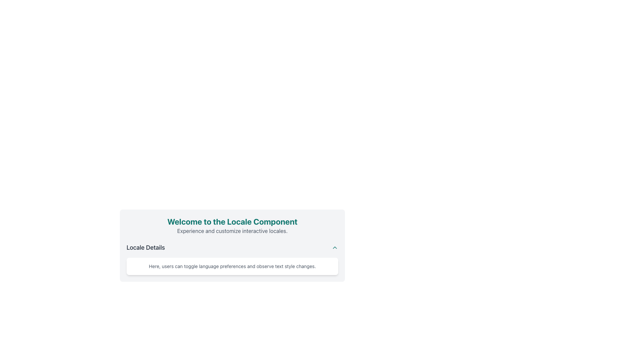  I want to click on the static text label rendered in a smaller font size and muted gray color located within the 'Locale Details' subsection, beneath the 'Welcome to the Locale Component' header, so click(232, 266).